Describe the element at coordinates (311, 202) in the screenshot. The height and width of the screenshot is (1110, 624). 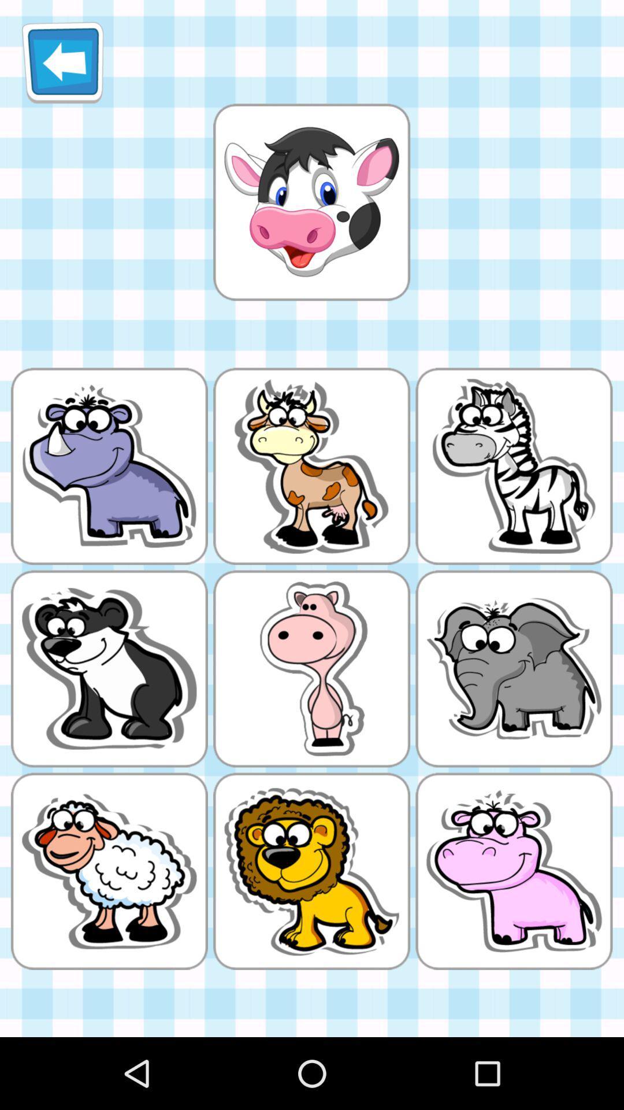
I see `cow` at that location.